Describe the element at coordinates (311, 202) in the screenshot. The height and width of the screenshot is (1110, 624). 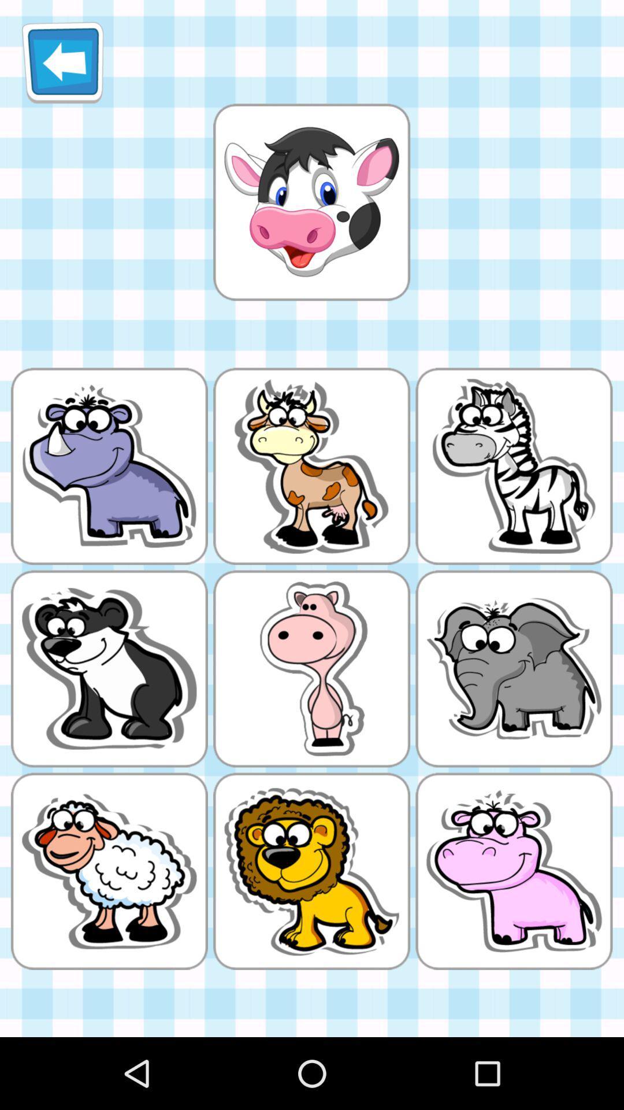
I see `cow` at that location.